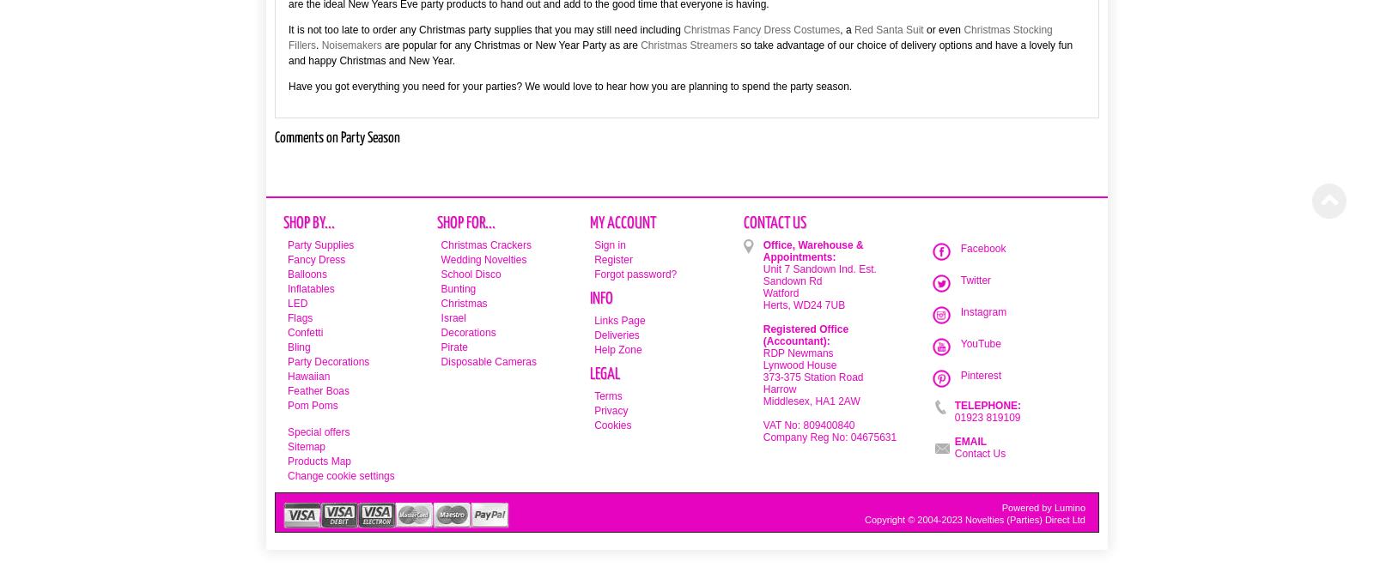 This screenshot has height=567, width=1374. I want to click on '373-375 Station Road', so click(812, 377).